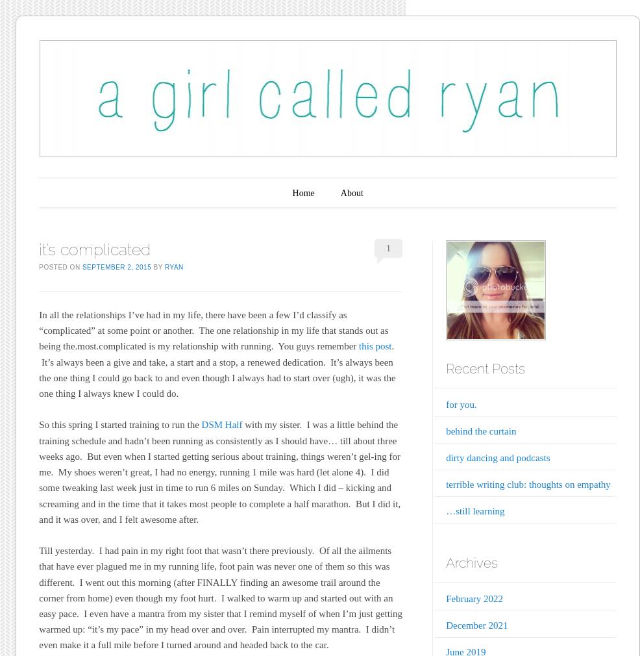 The width and height of the screenshot is (640, 656). Describe the element at coordinates (445, 625) in the screenshot. I see `'December 2021'` at that location.